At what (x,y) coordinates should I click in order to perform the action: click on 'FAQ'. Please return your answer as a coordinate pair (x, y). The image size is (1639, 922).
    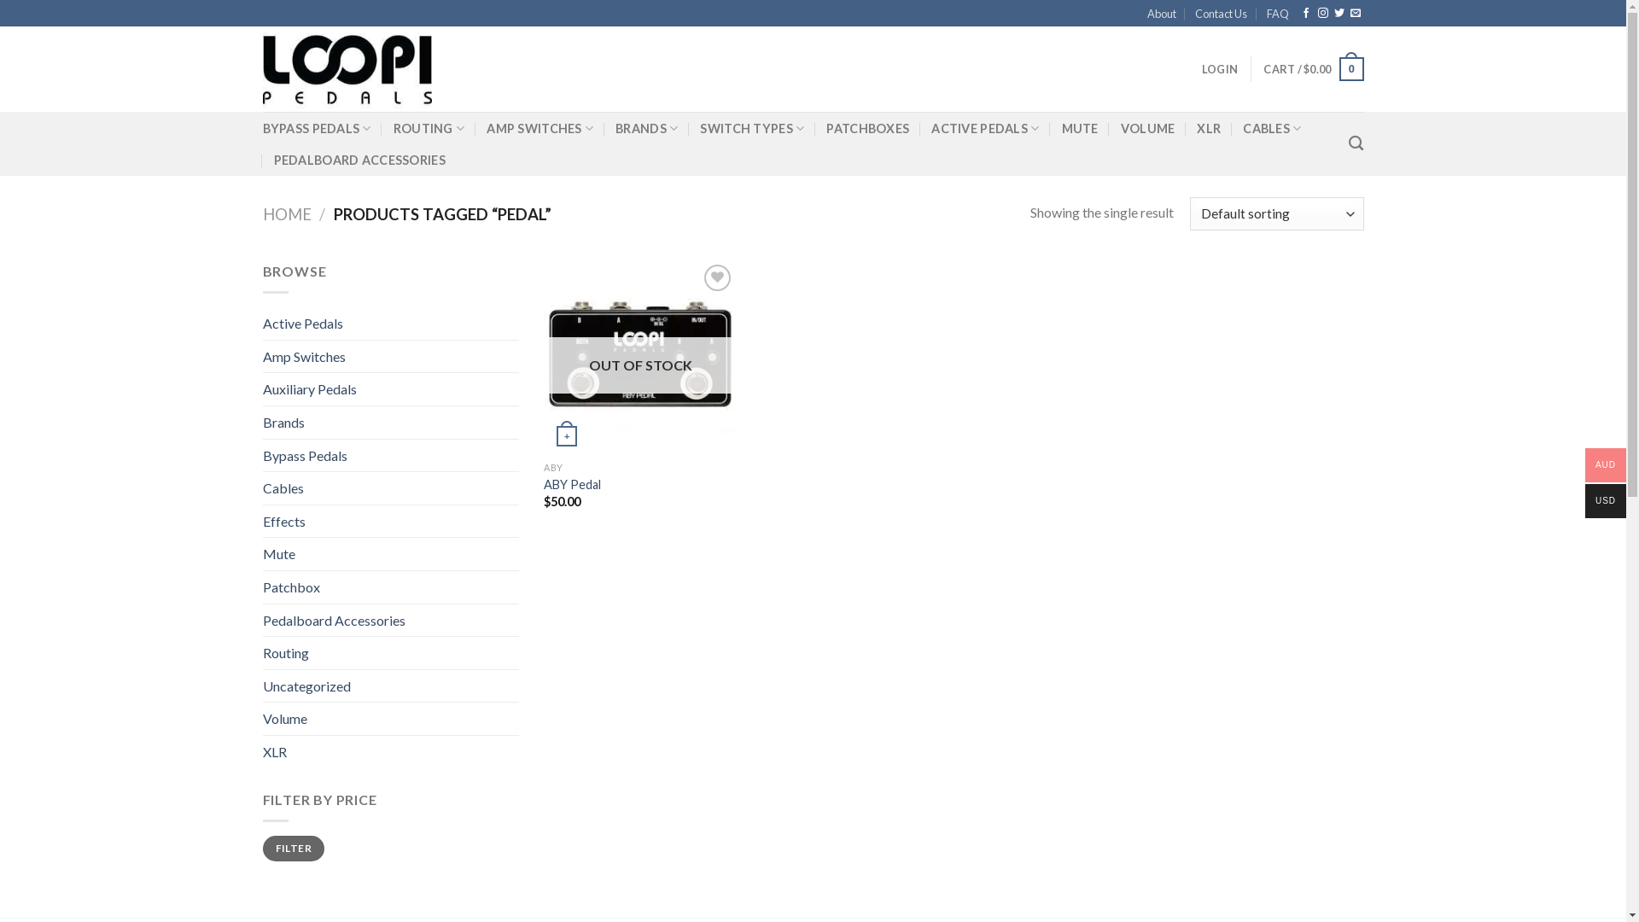
    Looking at the image, I should click on (1278, 13).